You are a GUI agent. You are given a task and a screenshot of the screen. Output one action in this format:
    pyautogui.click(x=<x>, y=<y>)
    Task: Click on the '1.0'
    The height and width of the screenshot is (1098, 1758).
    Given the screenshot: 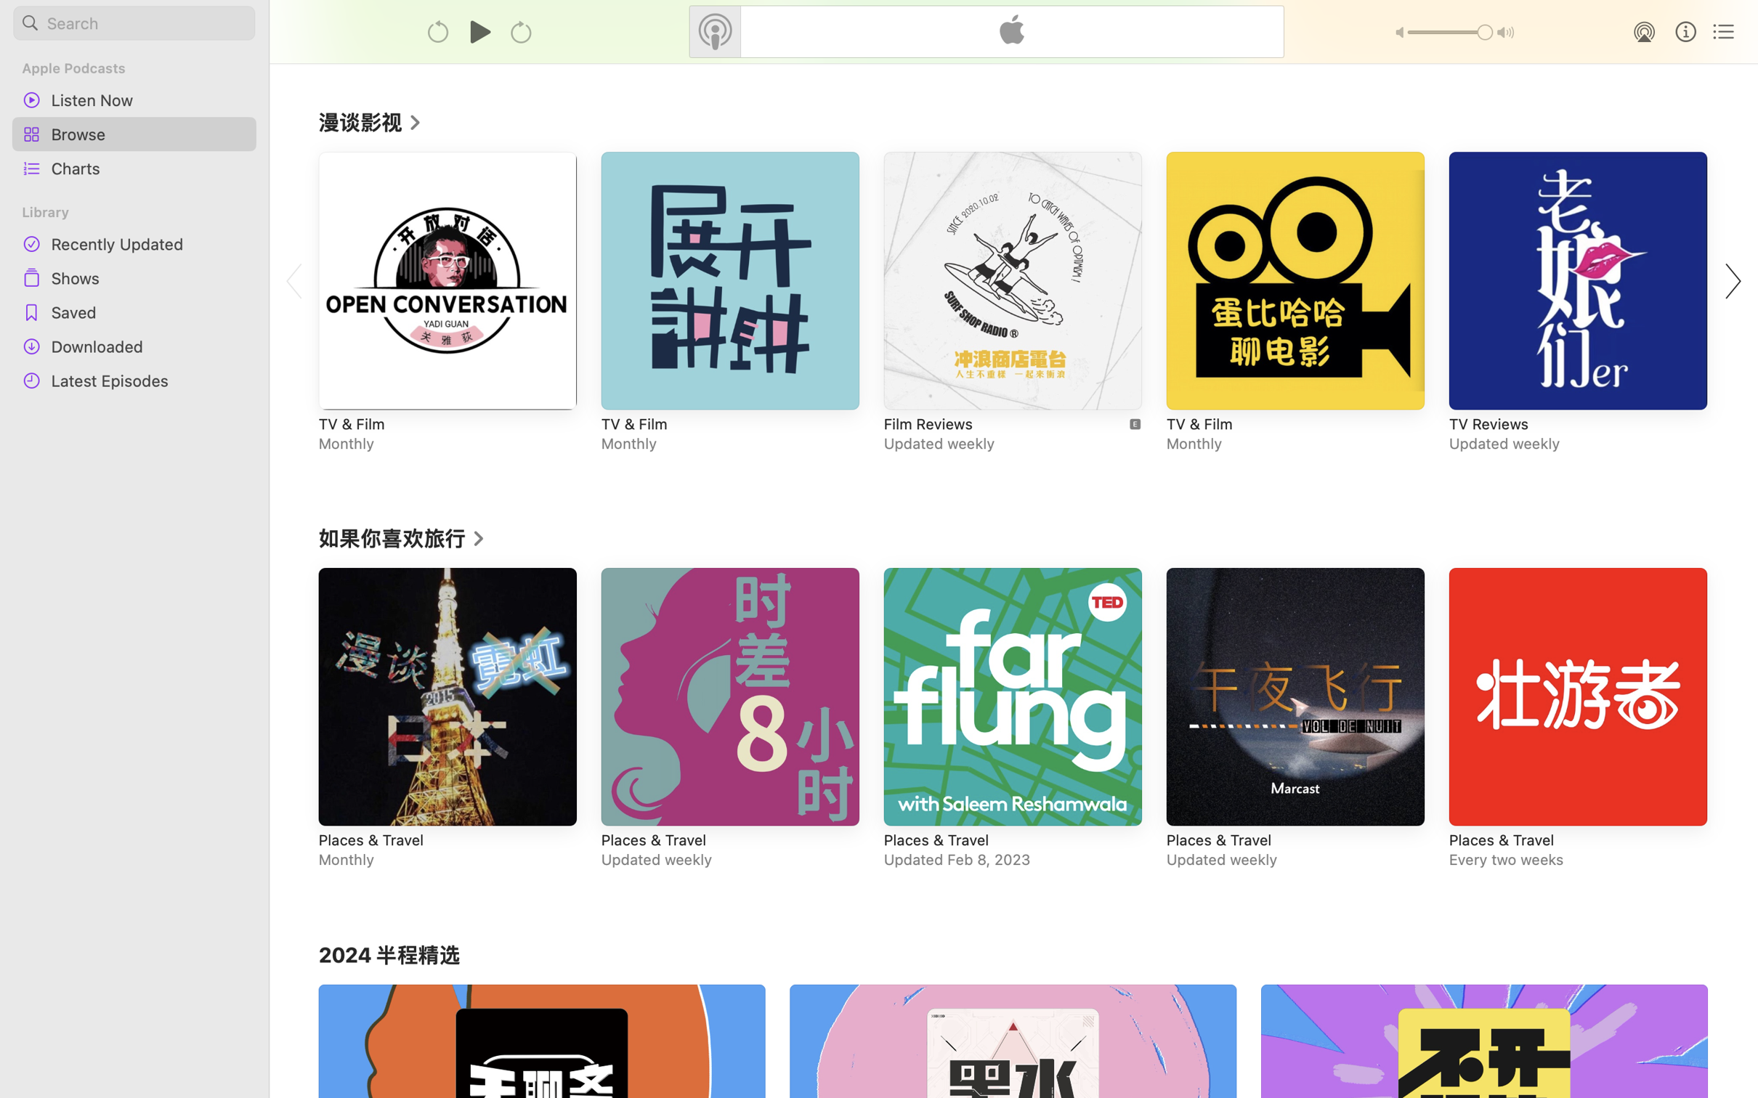 What is the action you would take?
    pyautogui.click(x=1450, y=32)
    